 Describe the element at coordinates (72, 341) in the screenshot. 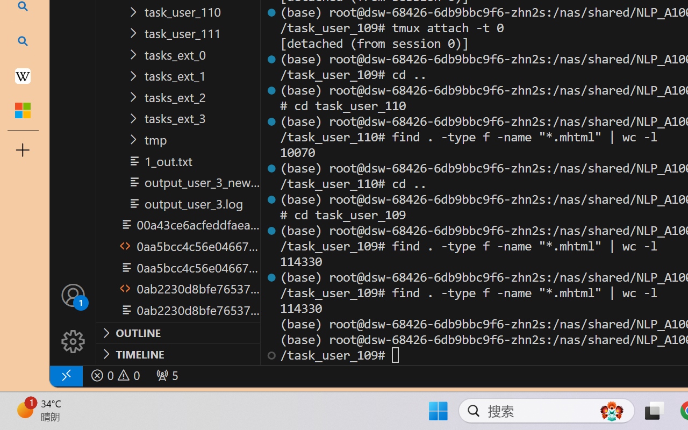

I see `'Manage'` at that location.